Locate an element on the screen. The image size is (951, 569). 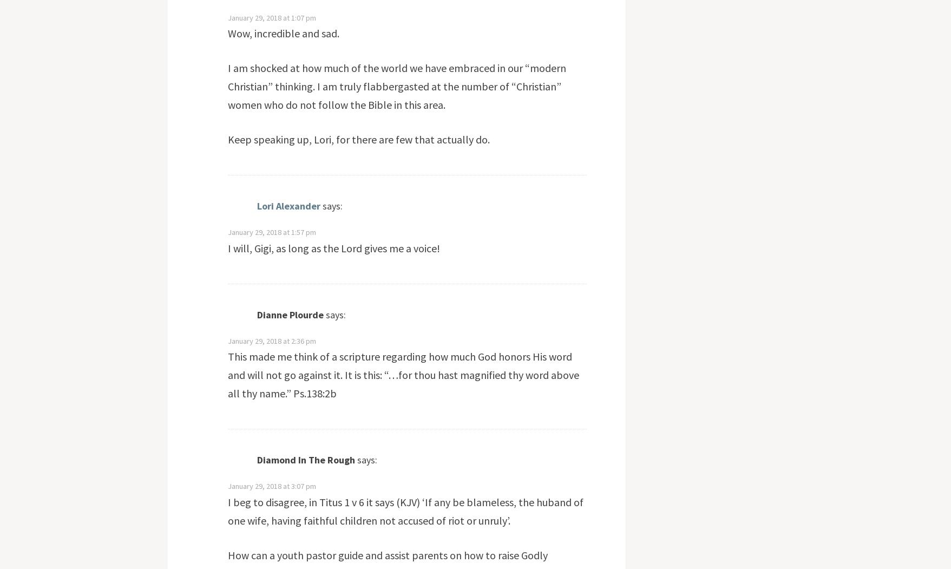
'This made me think of a scripture regarding how much God honors His word and will not    go against it. It is this: “…for thou hast magnified thy word above all thy name.” Ps.138:2b' is located at coordinates (226, 374).